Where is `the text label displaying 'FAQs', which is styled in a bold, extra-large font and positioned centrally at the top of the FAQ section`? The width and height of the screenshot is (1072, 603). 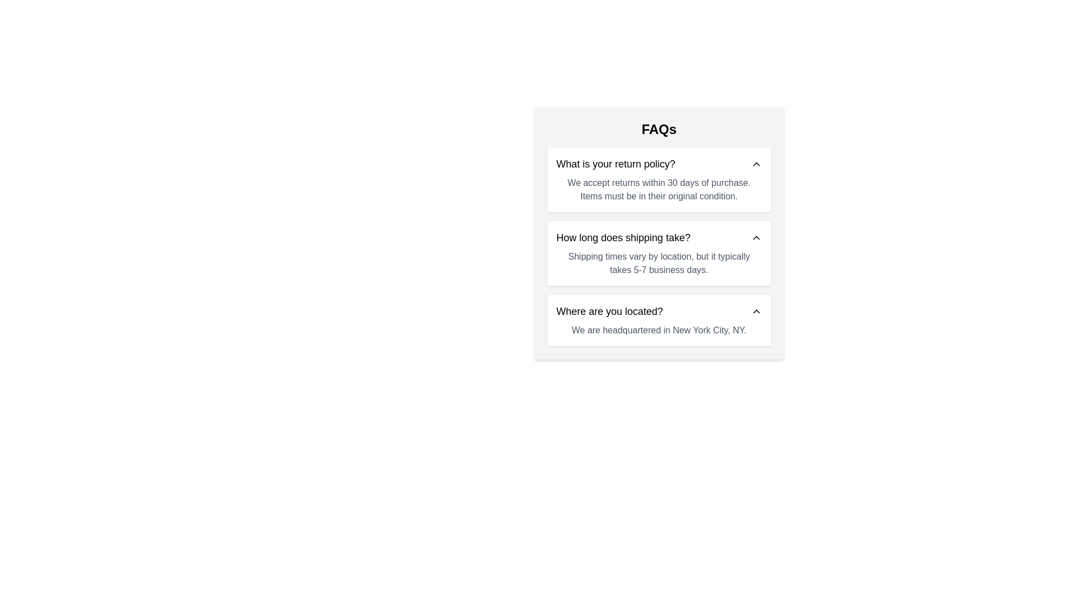 the text label displaying 'FAQs', which is styled in a bold, extra-large font and positioned centrally at the top of the FAQ section is located at coordinates (659, 128).